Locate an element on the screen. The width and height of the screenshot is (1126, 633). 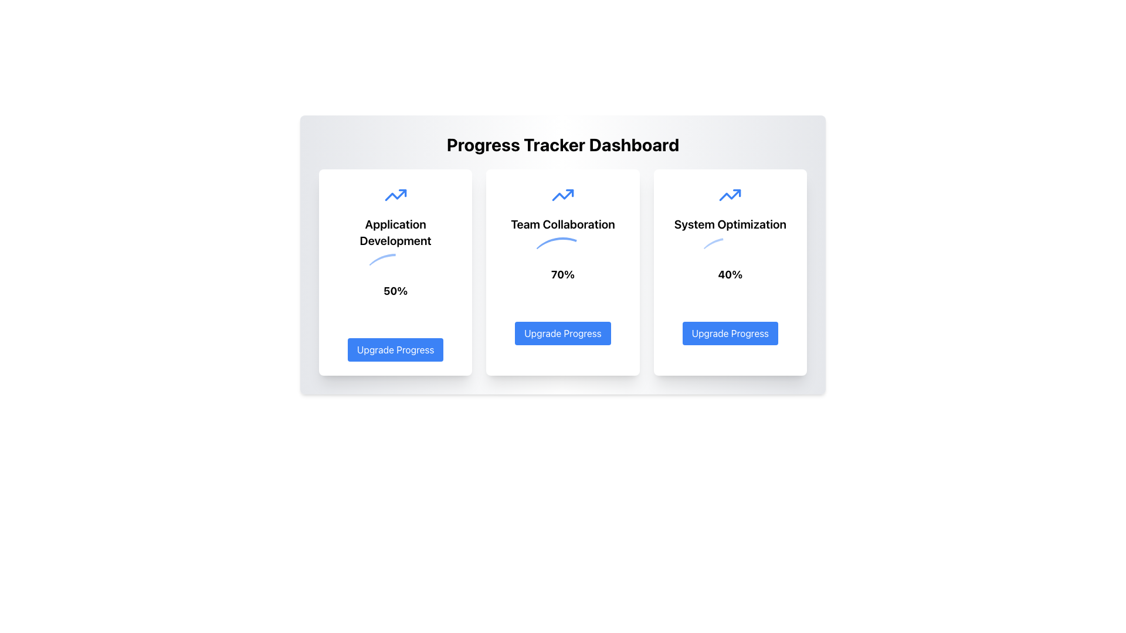
the text displaying '70%' which is centrally aligned within the circular progress indicator of the 'Team Collaboration' card is located at coordinates (563, 275).